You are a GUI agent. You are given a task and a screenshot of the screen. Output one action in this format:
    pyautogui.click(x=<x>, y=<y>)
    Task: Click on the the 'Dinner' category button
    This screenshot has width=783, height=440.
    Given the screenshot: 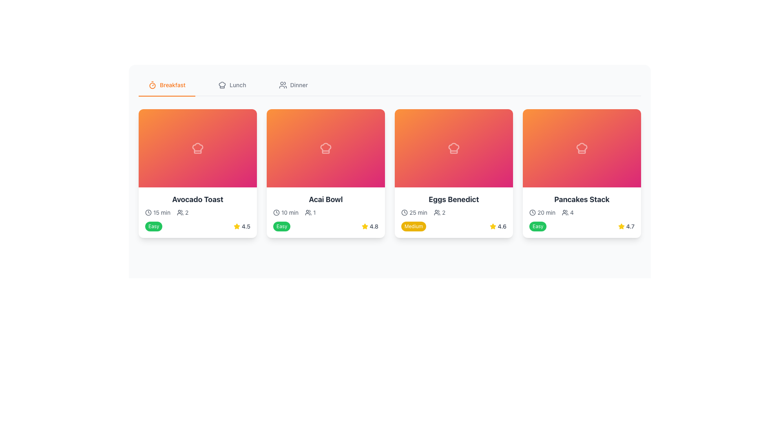 What is the action you would take?
    pyautogui.click(x=293, y=85)
    